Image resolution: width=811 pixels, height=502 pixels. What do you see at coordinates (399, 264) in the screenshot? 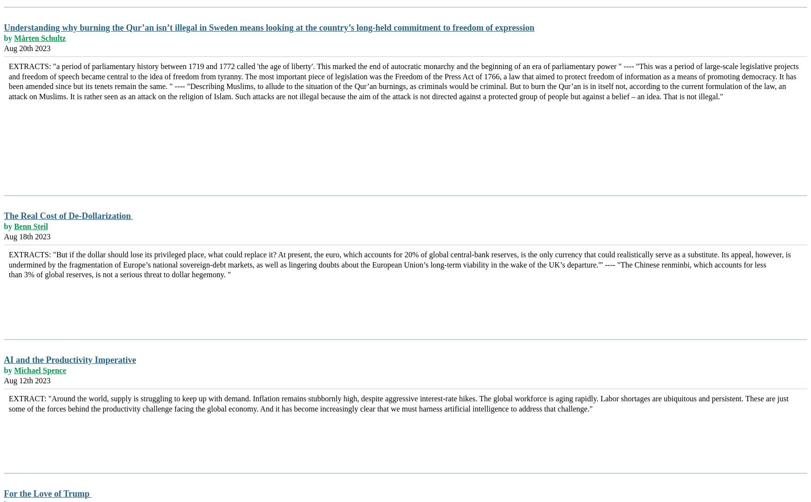
I see `'EXTRACTS: "But if the dollar should lose its privileged place, what could replace it? At present, the euro, which accounts for 20% of global central-bank reserves, is the only currency that could realistically serve as a substitute. Its appeal, however, is undermined by the fragmentation of Europe’s national sovereign-debt markets, as well as lingering doubts about the European Union’s long-term viability in the wake of the UK’s departure.'" ---- "The Chinese renminbi, which accounts for less than 3% of global reserves, is not a serious threat to dollar hegemony. "'` at bounding box center [399, 264].